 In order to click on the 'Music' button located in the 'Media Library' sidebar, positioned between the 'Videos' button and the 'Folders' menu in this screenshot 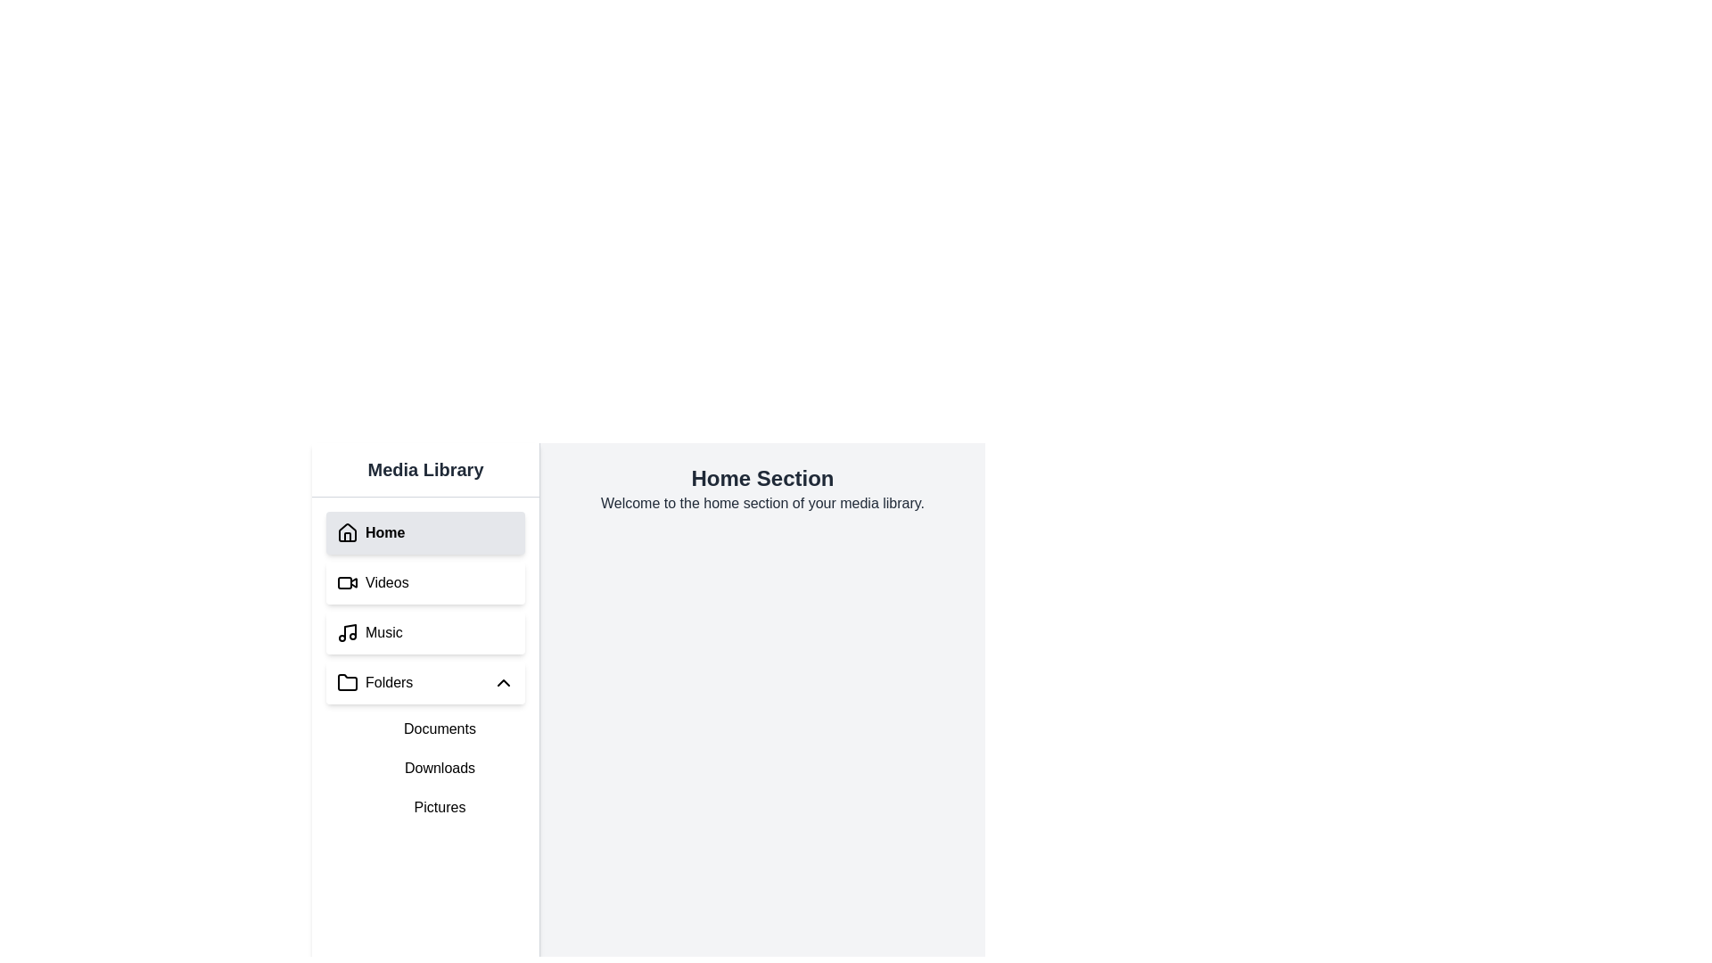, I will do `click(424, 631)`.